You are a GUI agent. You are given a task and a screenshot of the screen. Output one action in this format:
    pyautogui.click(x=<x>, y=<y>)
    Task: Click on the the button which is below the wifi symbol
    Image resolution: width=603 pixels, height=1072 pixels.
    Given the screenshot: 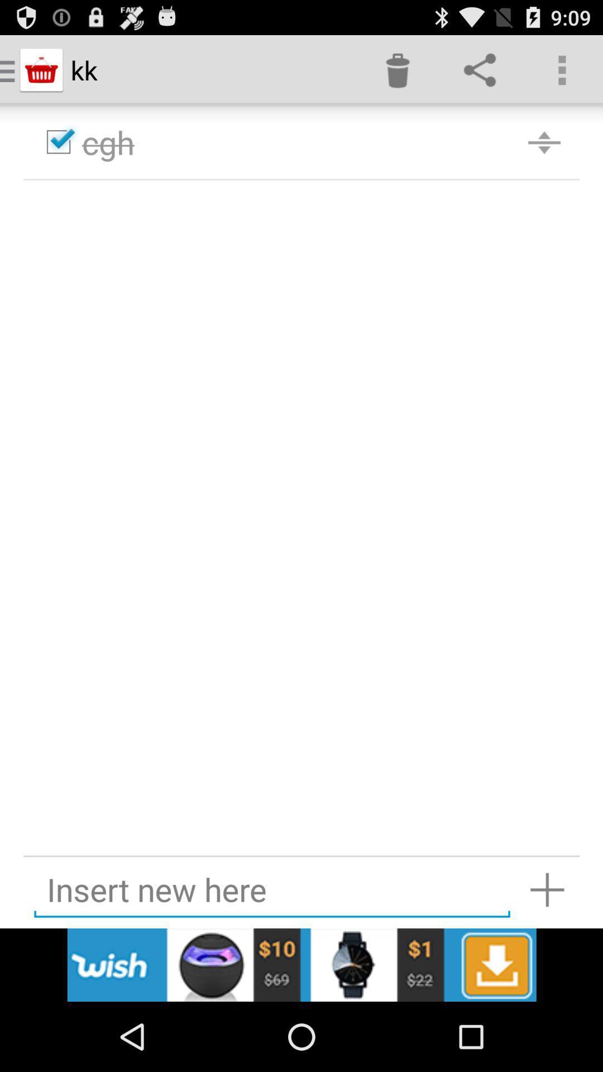 What is the action you would take?
    pyautogui.click(x=479, y=69)
    